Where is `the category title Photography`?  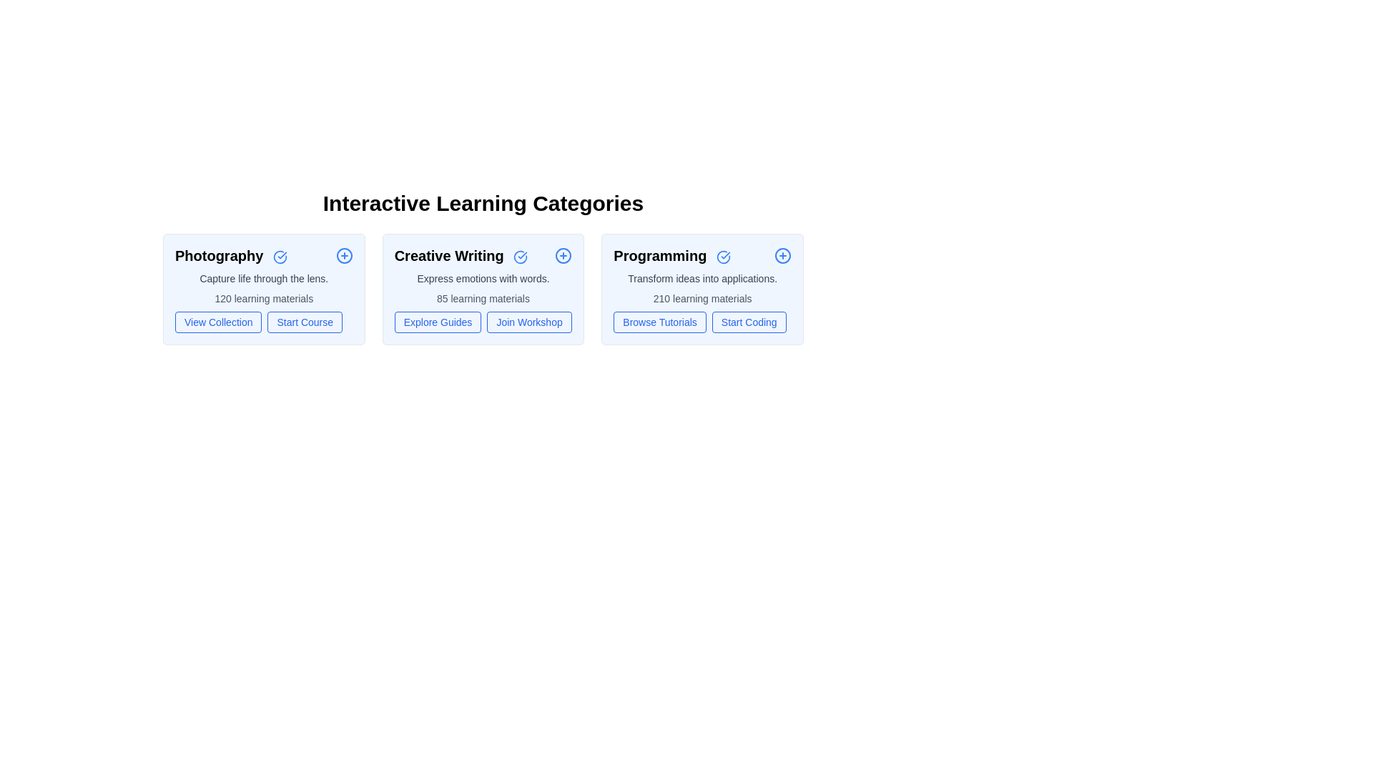 the category title Photography is located at coordinates (231, 255).